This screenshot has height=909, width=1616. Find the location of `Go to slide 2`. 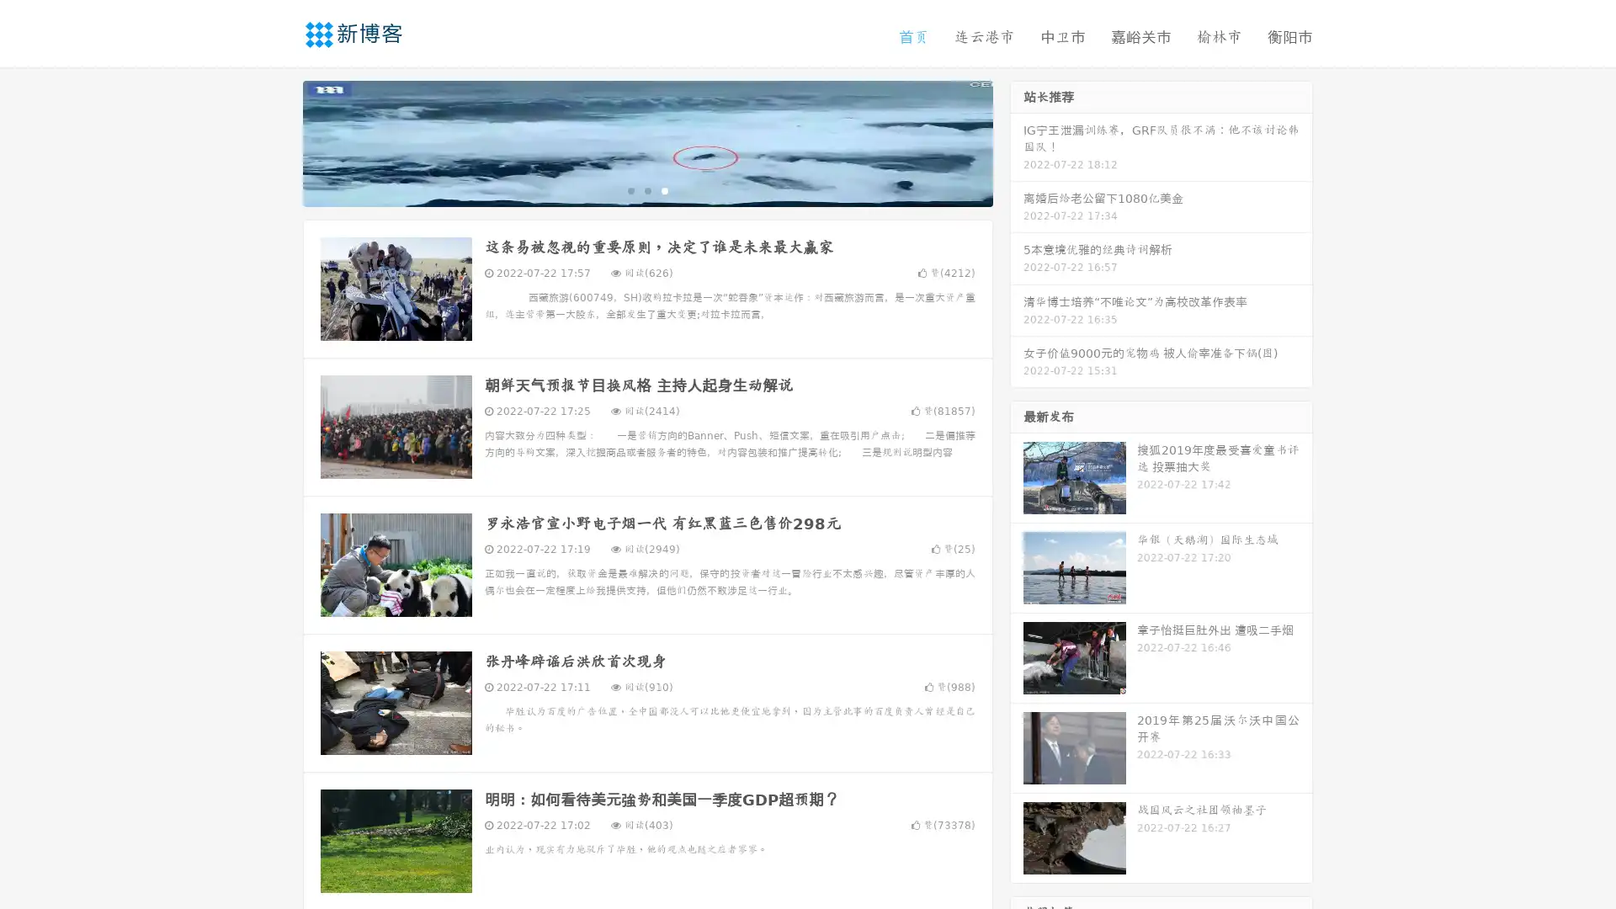

Go to slide 2 is located at coordinates (646, 189).